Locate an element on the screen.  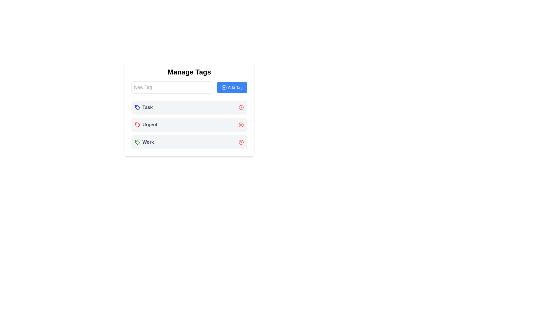
the text label displaying 'Work' in a bold, medium-sized font, which is part of a tag-like UI component located to the right of a green tag icon in the 'Manage Tags' section is located at coordinates (148, 142).